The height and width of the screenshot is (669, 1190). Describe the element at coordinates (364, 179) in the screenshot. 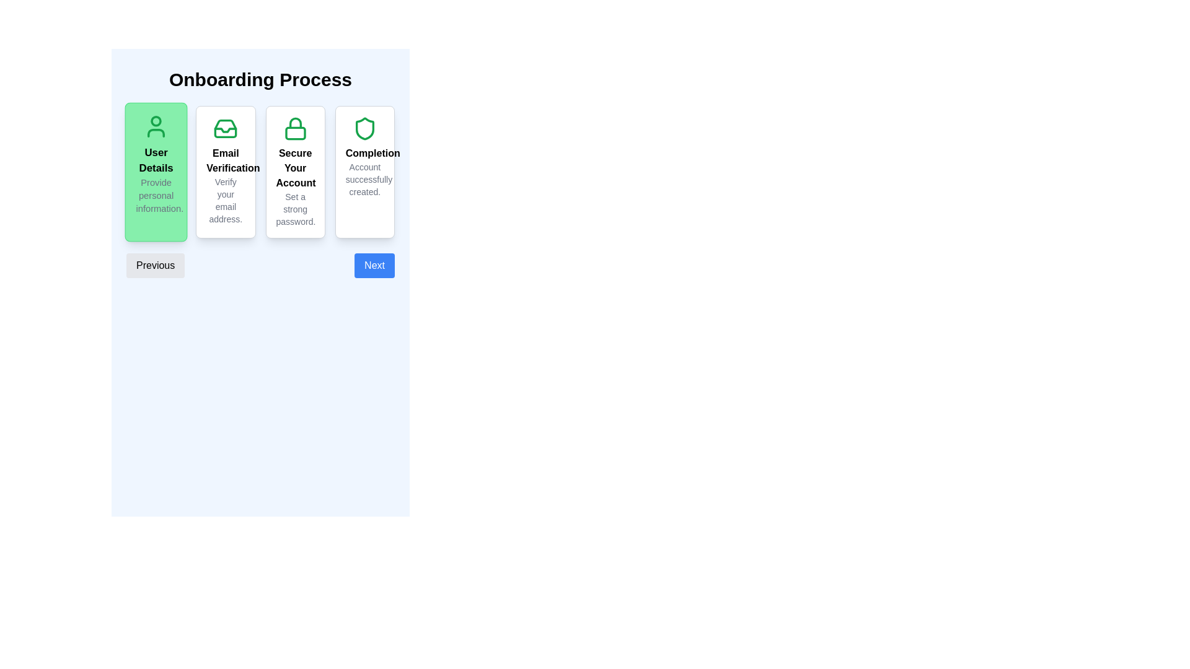

I see `text label that indicates the successful completion of the account creation process, located below the 'Completion' heading in the last onboarding step card positioned on the far right` at that location.